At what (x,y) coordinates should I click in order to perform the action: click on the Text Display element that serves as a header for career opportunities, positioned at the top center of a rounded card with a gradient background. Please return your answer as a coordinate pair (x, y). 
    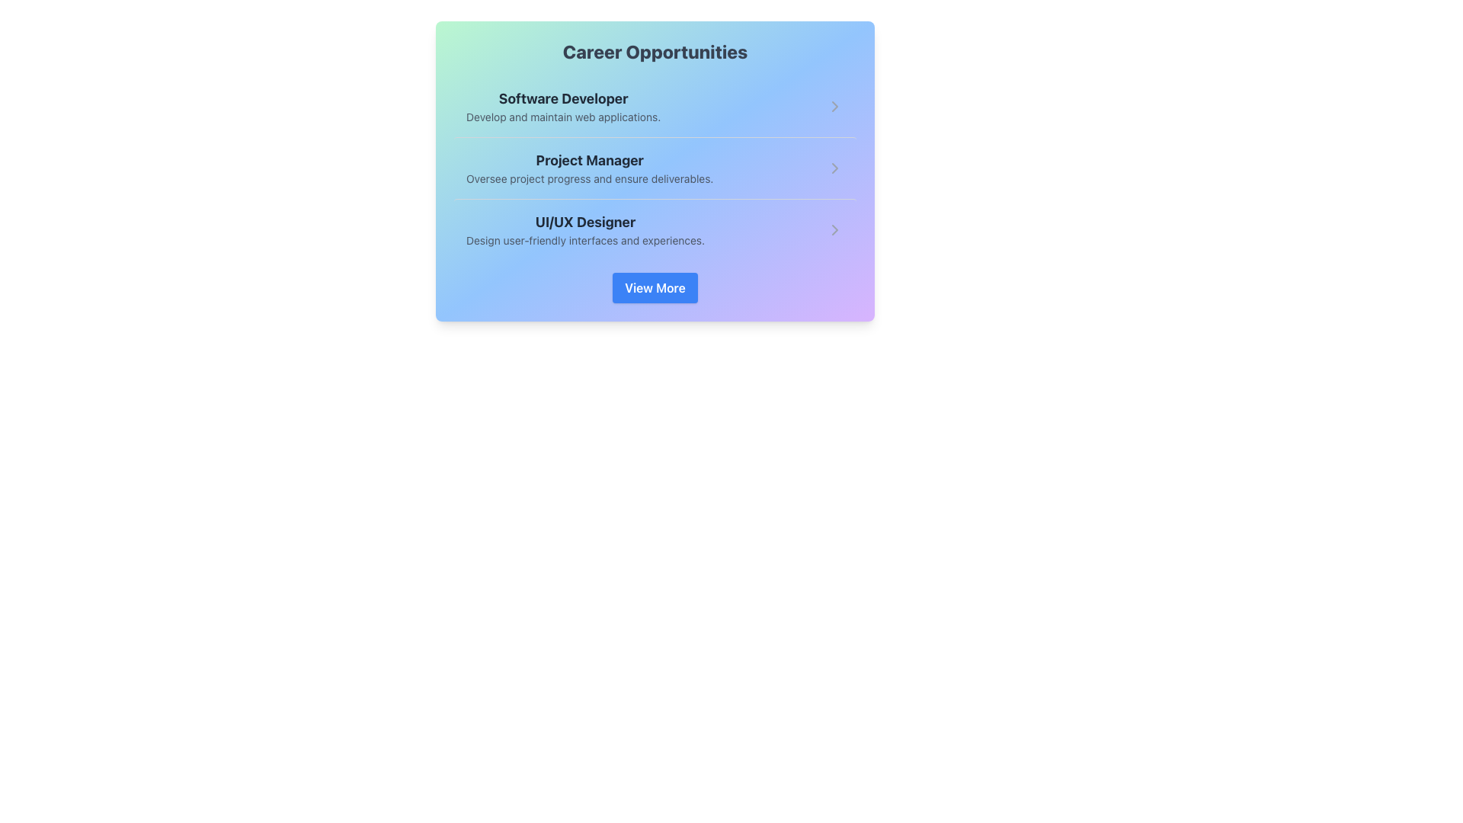
    Looking at the image, I should click on (655, 51).